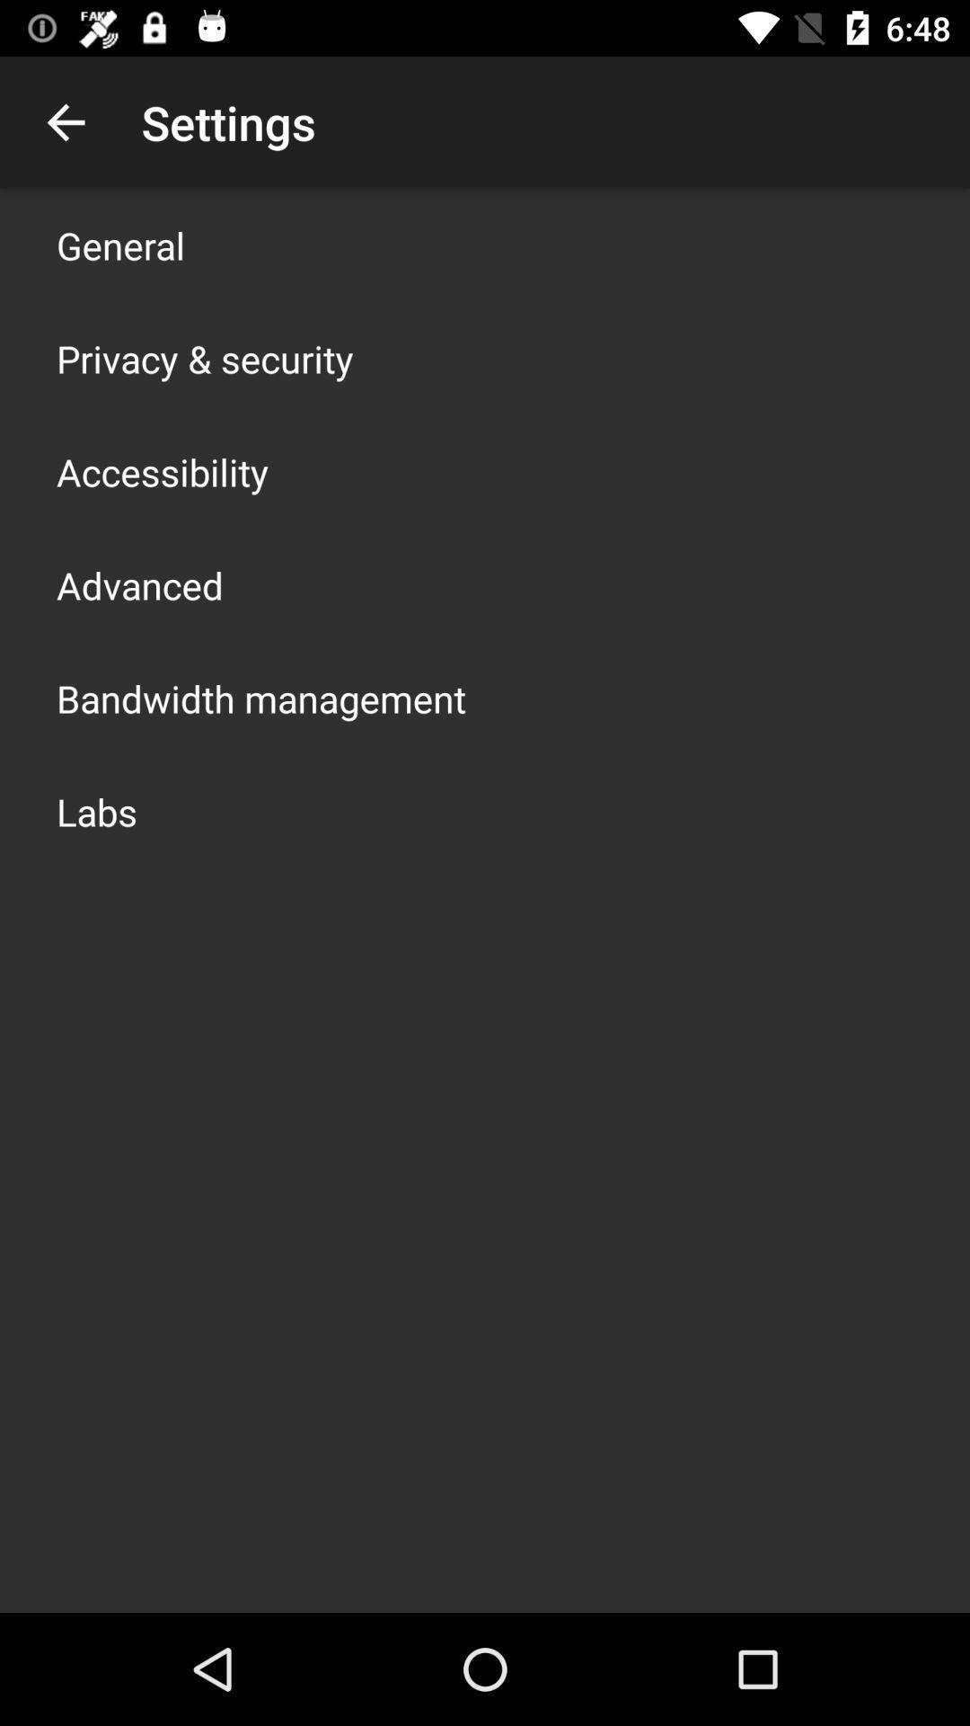 This screenshot has width=970, height=1726. What do you see at coordinates (260, 698) in the screenshot?
I see `app below the advanced item` at bounding box center [260, 698].